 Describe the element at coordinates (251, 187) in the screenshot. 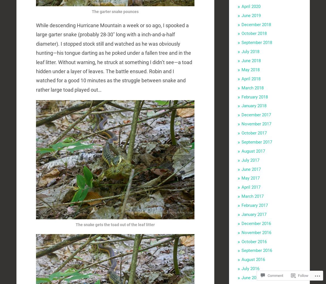

I see `'April 2017'` at that location.